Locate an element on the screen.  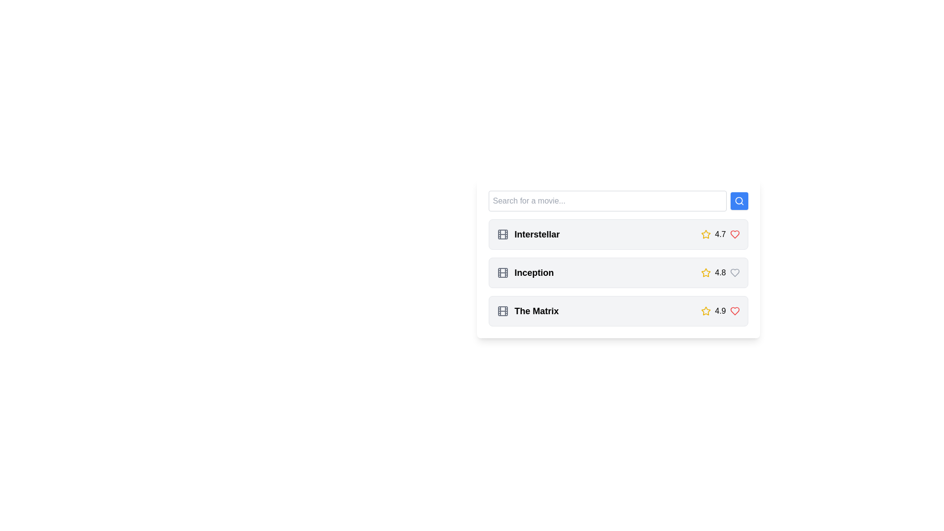
the heart icon button located on the right side of the row displaying the movie 'Interstellar' to mark the movie as favorite is located at coordinates (735, 235).